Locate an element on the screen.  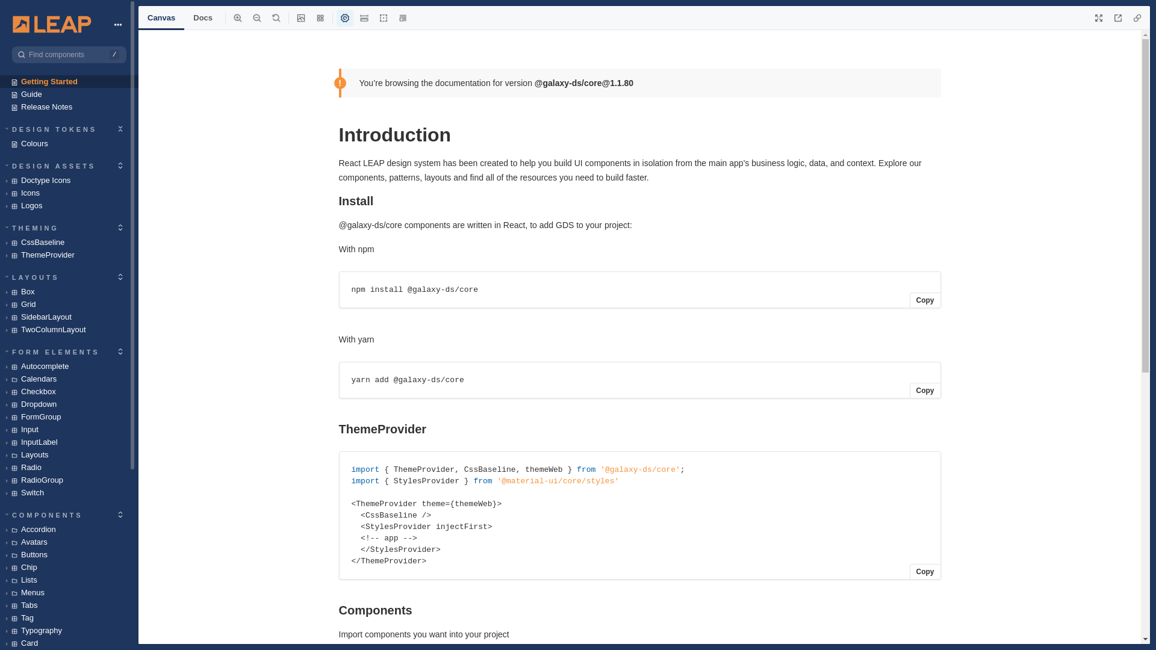
'LAYOUTS' is located at coordinates (33, 276).